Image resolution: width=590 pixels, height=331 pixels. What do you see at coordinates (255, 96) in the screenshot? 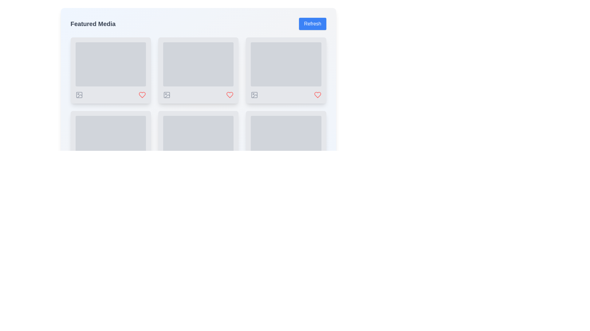
I see `the gray vector graphic icon representing imagery or photography located at the bottom-right corner of its card` at bounding box center [255, 96].